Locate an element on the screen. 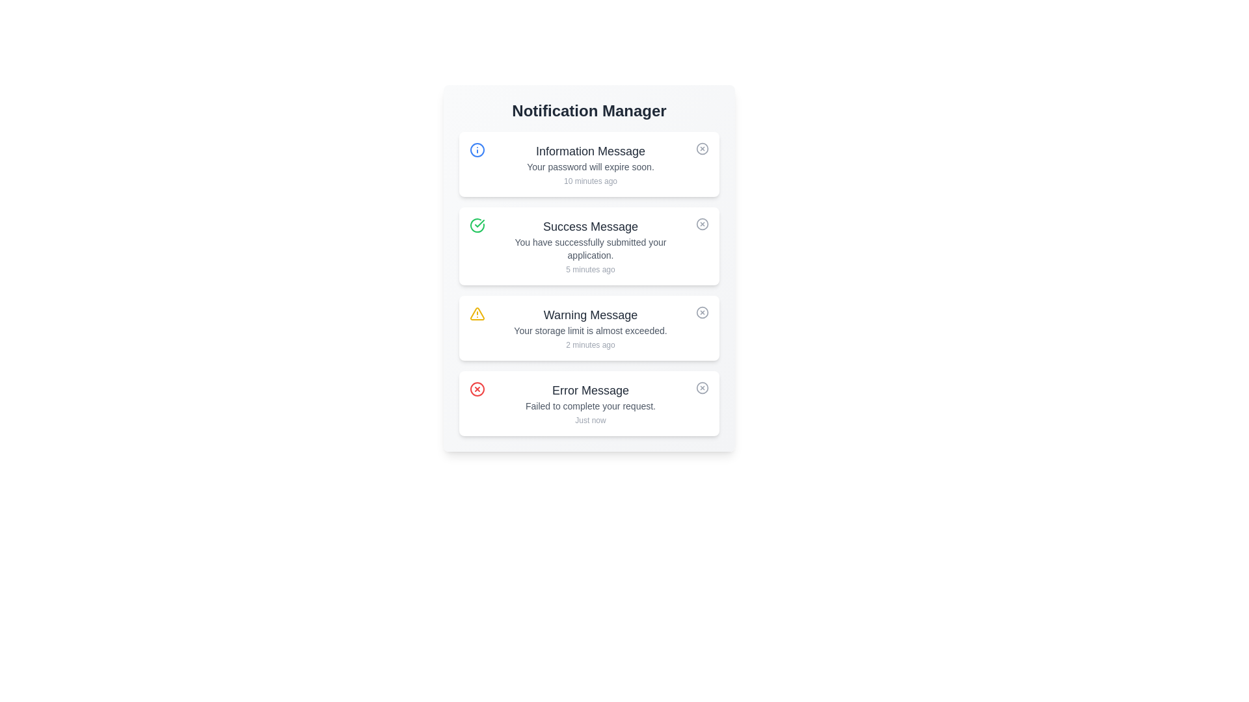  the circular blue outlined icon with an information symbol located to the left of the 'Information Message' text in the first notification card is located at coordinates (477, 149).